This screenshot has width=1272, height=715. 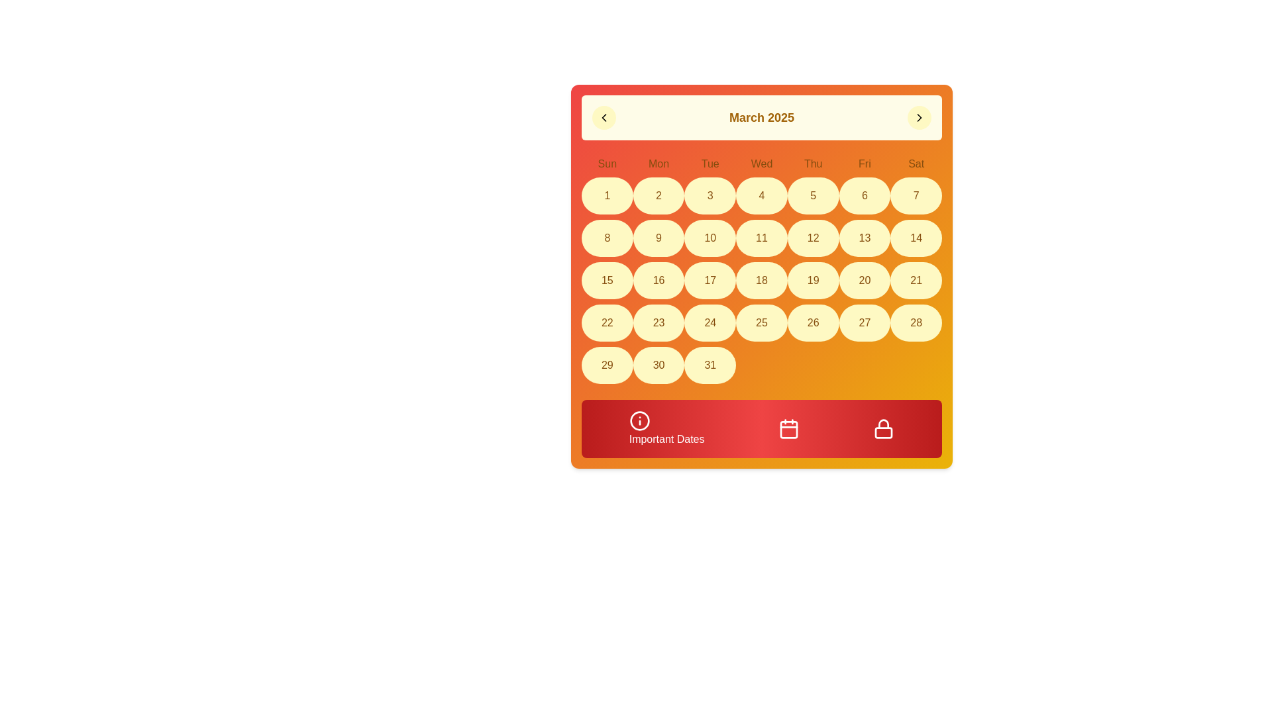 What do you see at coordinates (865, 323) in the screenshot?
I see `the button representing the date '27' in the calendar interface` at bounding box center [865, 323].